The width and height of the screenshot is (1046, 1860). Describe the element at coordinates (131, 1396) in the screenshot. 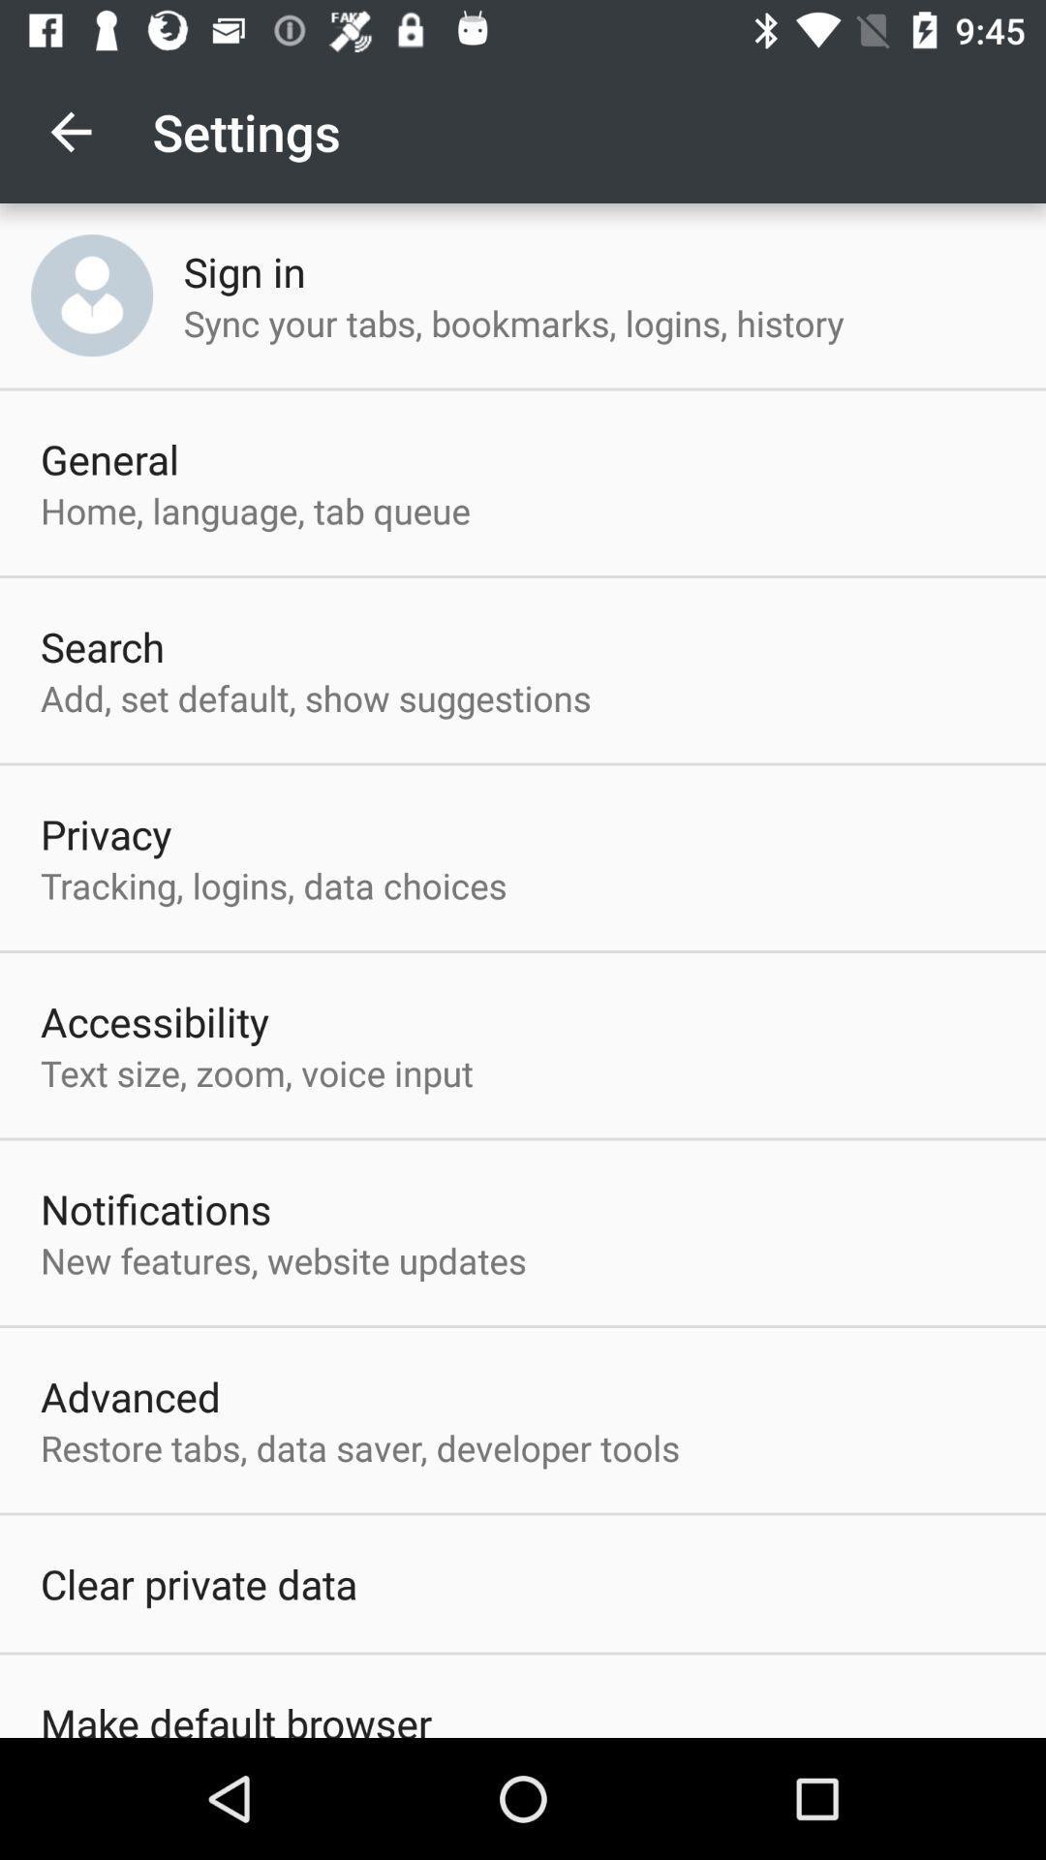

I see `advanced icon` at that location.